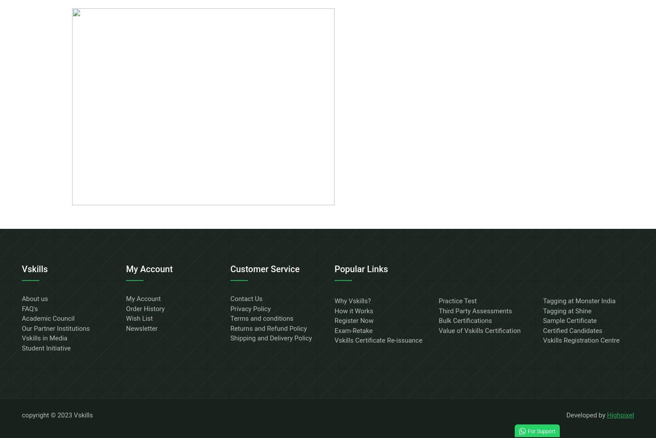  I want to click on 'Bulk Certifications', so click(464, 321).